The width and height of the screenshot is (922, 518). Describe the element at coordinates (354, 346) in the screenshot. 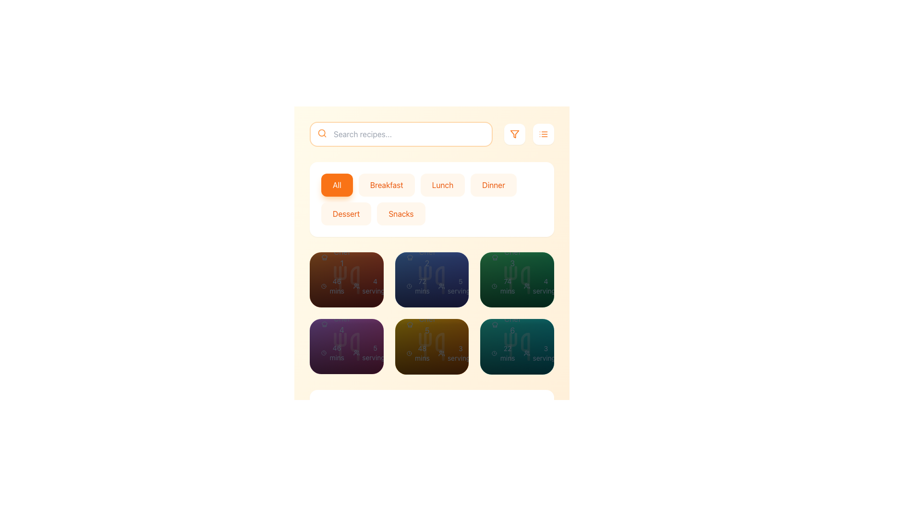

I see `rightmost segment of the utensil icon within the purple card in the second row of the grid for debugging purposes` at that location.